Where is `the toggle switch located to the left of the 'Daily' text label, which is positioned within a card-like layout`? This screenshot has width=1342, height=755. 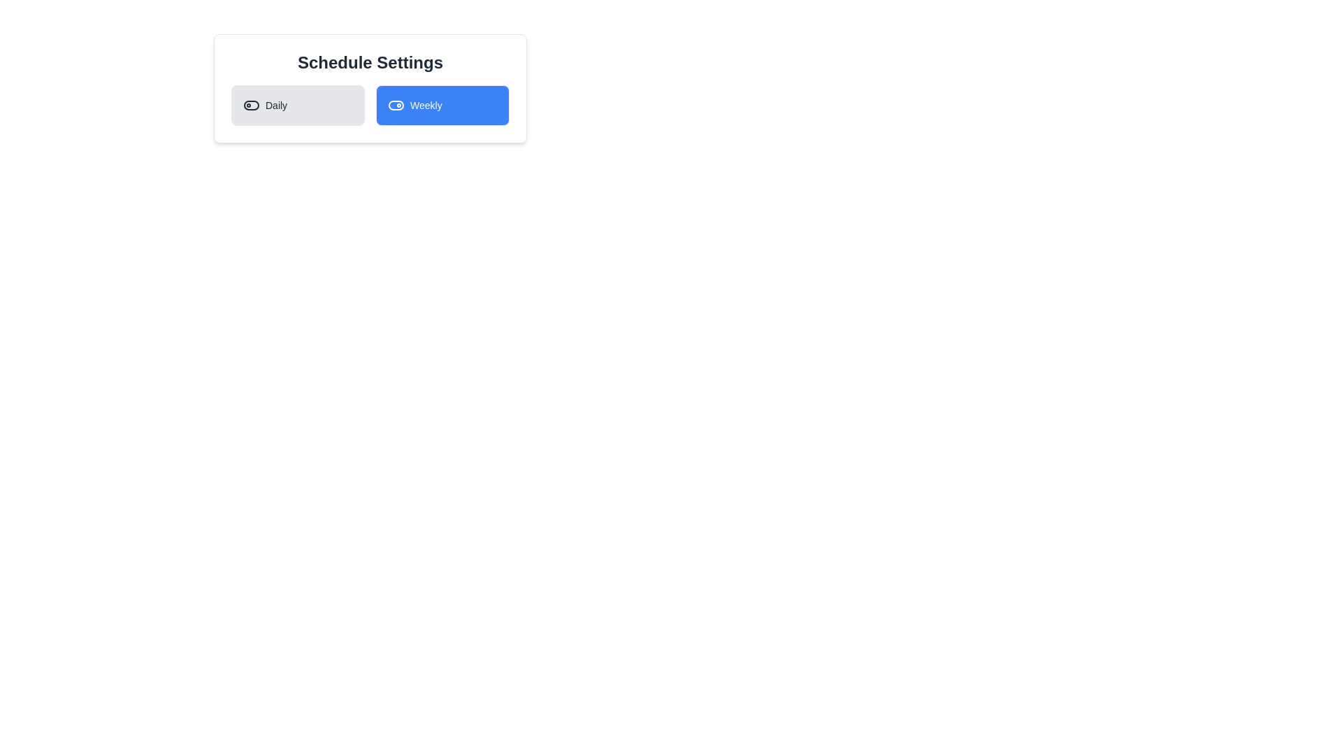 the toggle switch located to the left of the 'Daily' text label, which is positioned within a card-like layout is located at coordinates (276, 104).